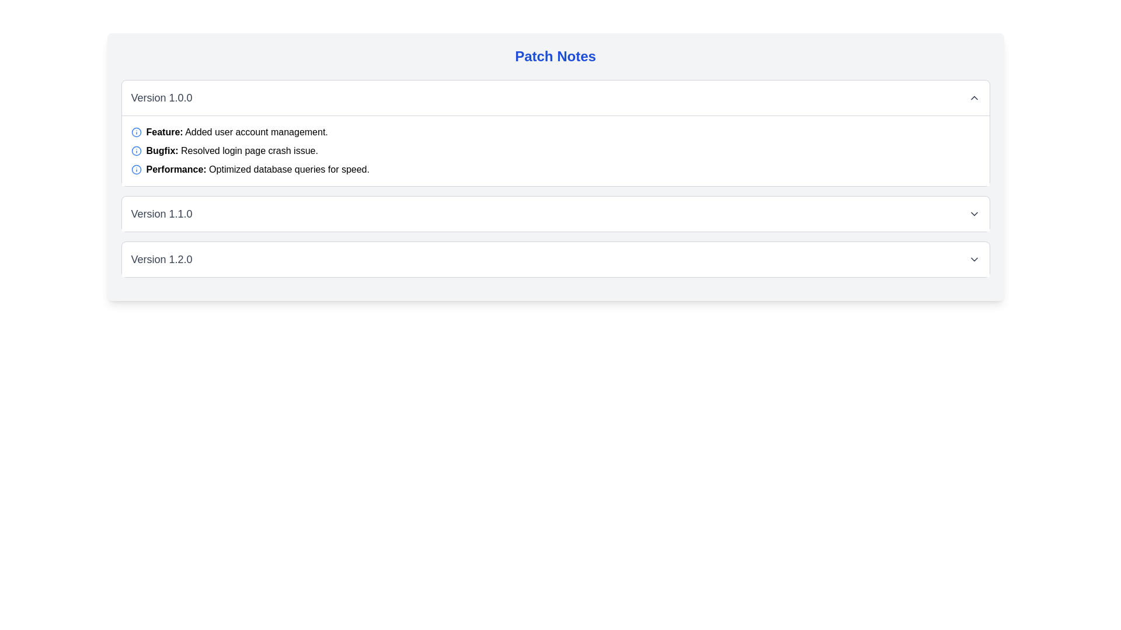  Describe the element at coordinates (162, 150) in the screenshot. I see `the category label indicating the type of update described in the subsequent text, located under the 'Version 1.0.0' section as the second line item below 'Feature:'` at that location.